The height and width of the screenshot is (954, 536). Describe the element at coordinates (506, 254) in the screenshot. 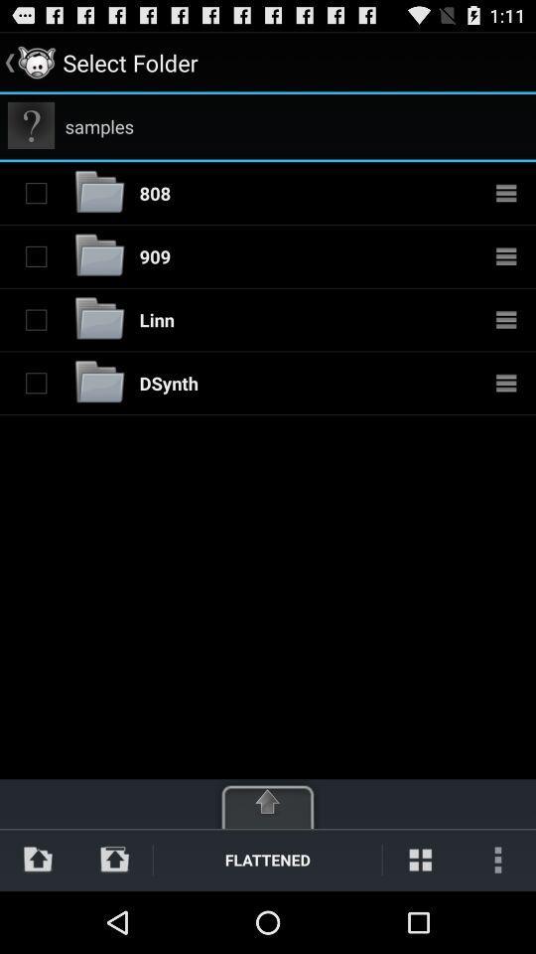

I see `folder options` at that location.